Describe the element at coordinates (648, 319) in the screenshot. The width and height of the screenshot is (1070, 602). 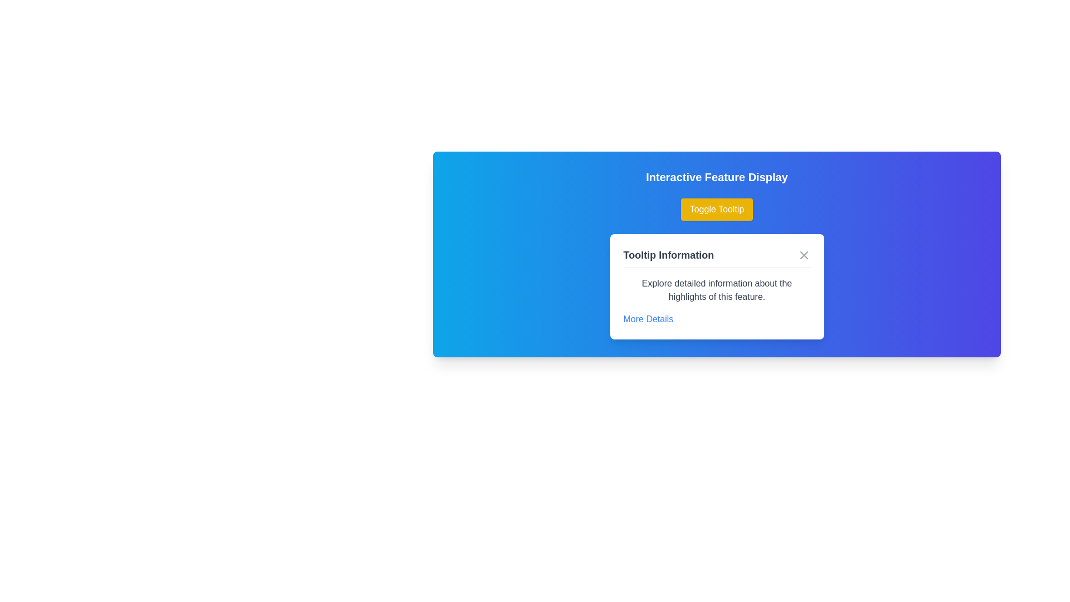
I see `the hyperlink positioned at the lower-left corner of the tooltip box` at that location.